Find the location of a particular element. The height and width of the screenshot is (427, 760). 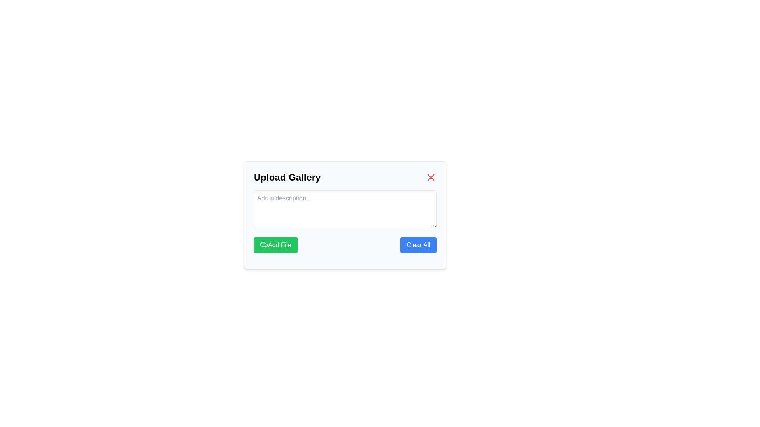

the lower part of the cloud-shaped icon representing the upload feature located at the bottom-left corner of the modal, above the 'Add File' button is located at coordinates (264, 244).